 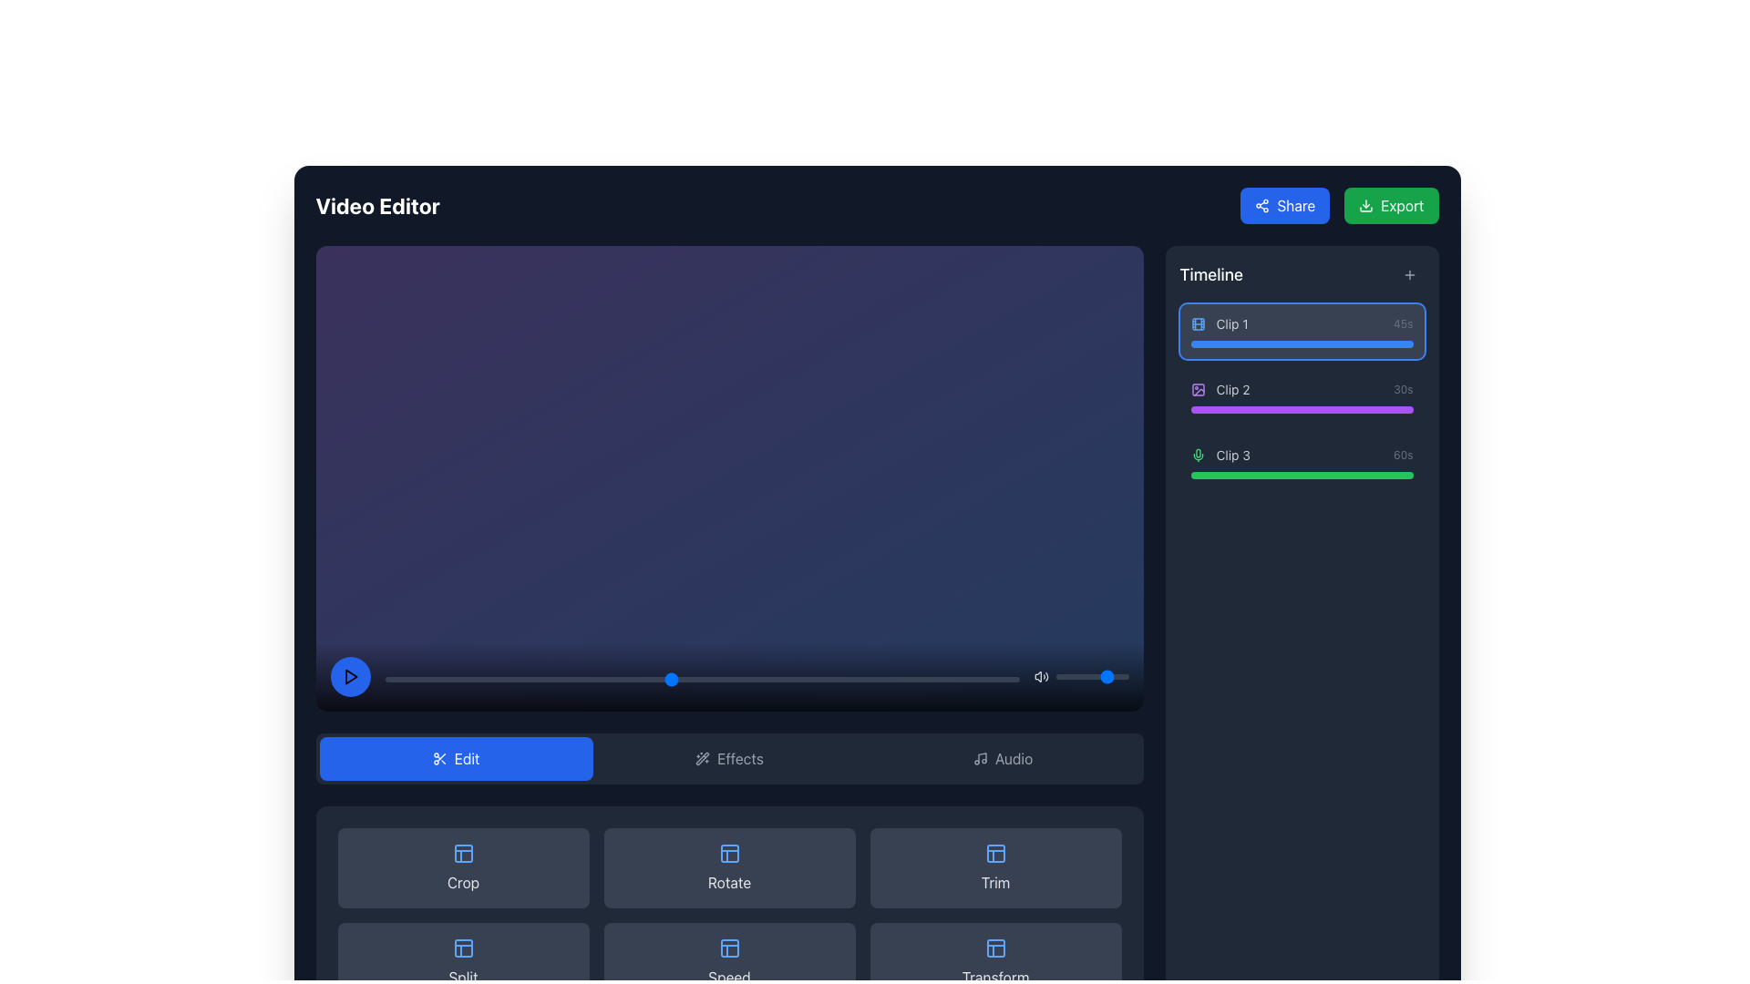 What do you see at coordinates (1301, 395) in the screenshot?
I see `the purple horizontal bar labeled 'Clip 2' on the timeline` at bounding box center [1301, 395].